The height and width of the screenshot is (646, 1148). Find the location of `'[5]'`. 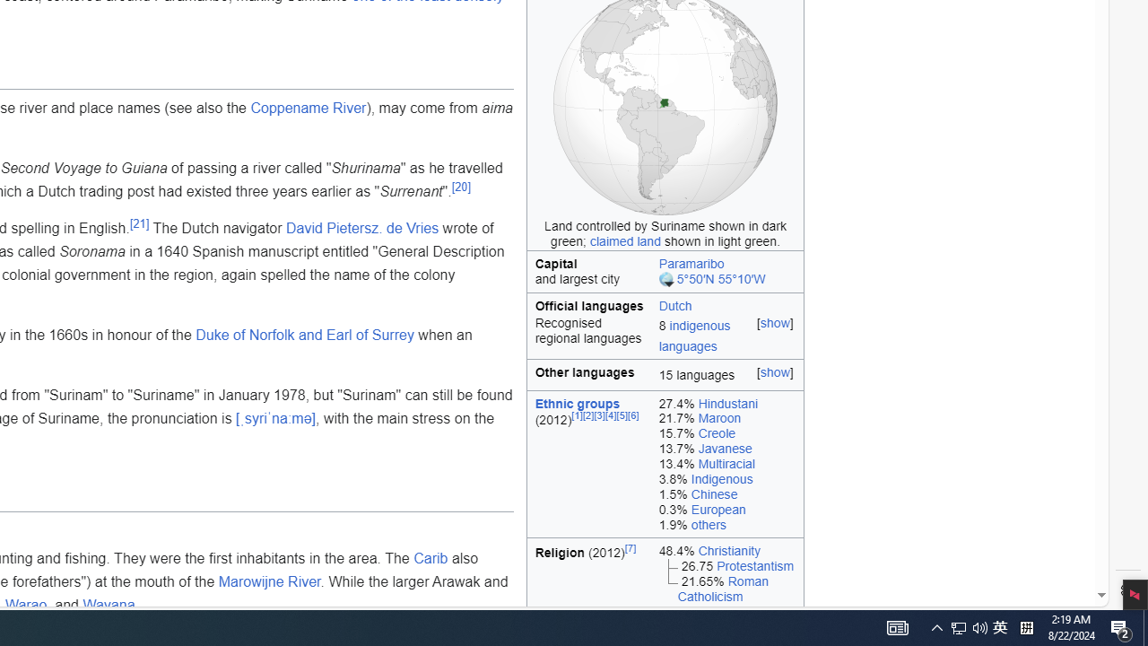

'[5]' is located at coordinates (622, 415).